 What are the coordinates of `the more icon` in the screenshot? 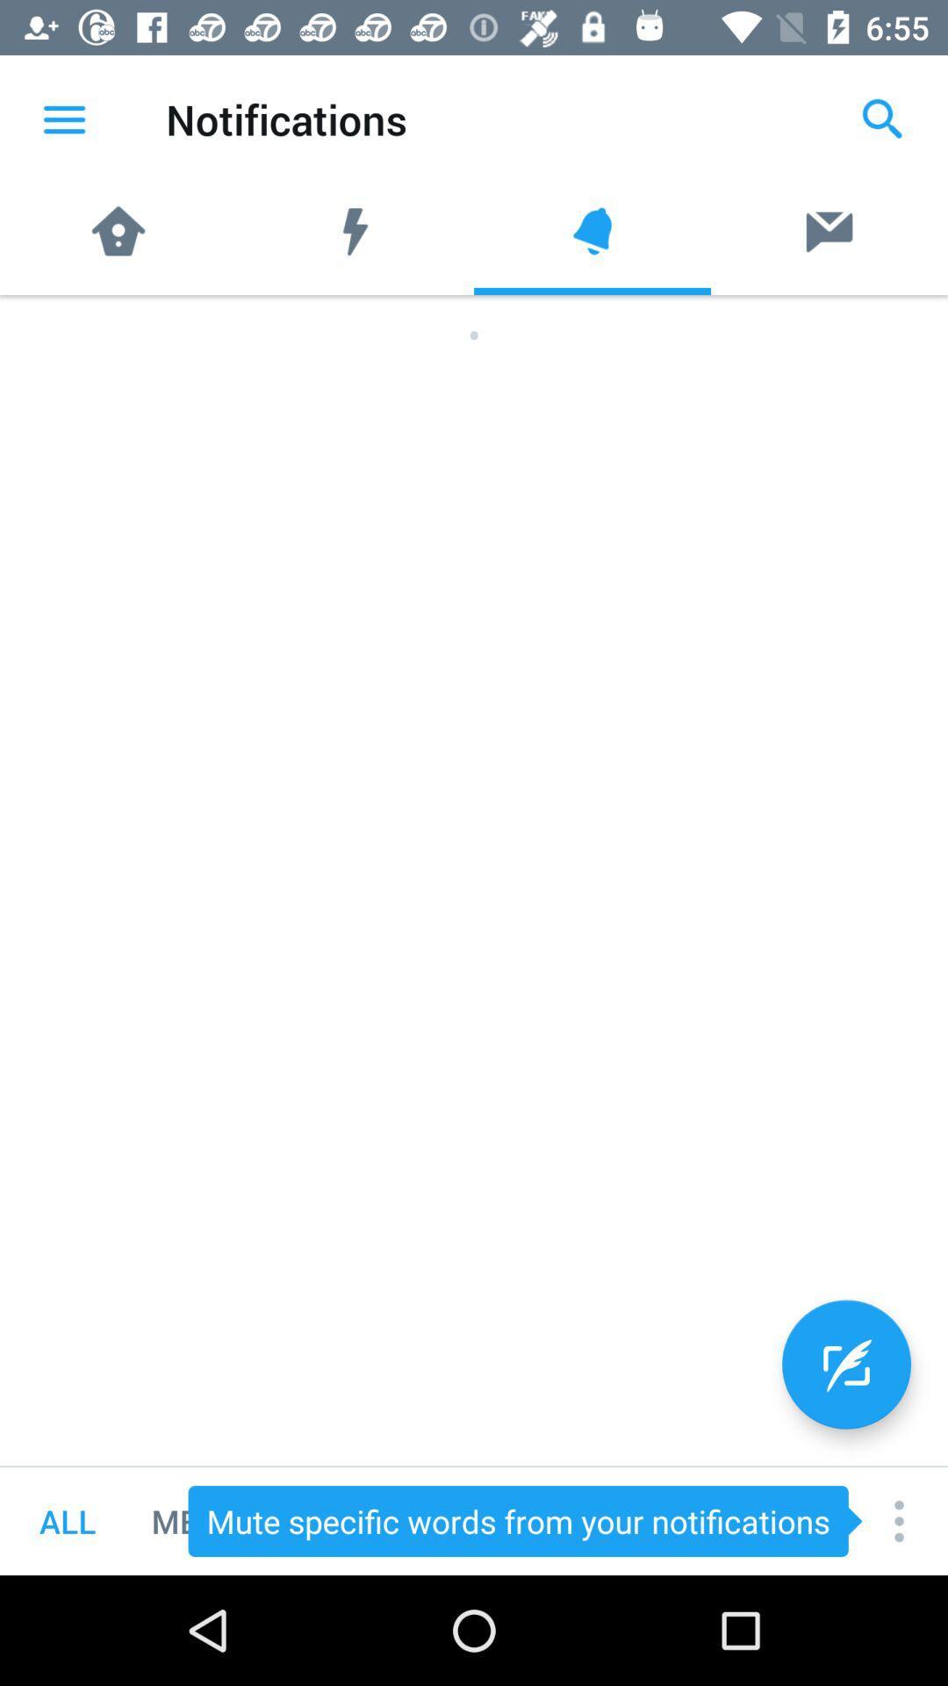 It's located at (899, 1520).